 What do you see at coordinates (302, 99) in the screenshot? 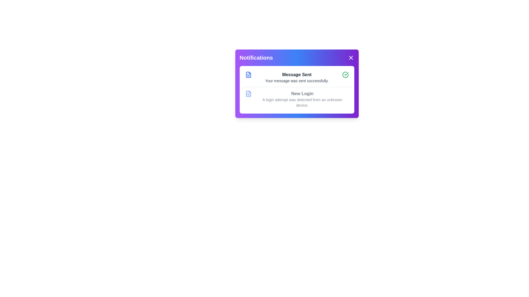
I see `message content of the notification item informing about a detected login attempt from an unknown device, which is the second item in the notification dialog` at bounding box center [302, 99].